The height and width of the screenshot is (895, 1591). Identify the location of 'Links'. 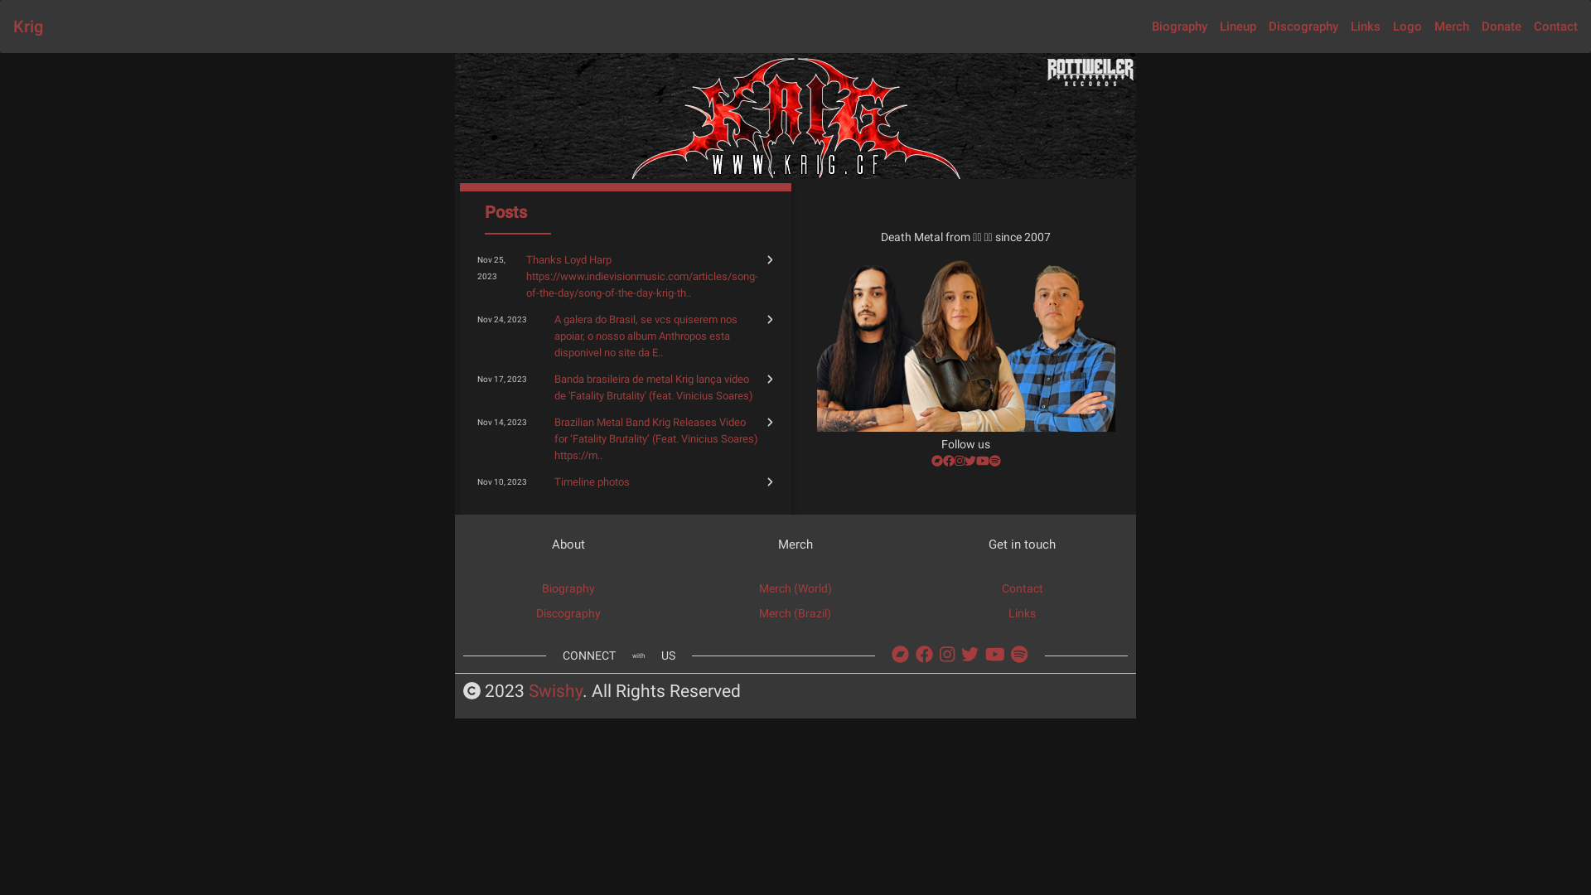
(1365, 26).